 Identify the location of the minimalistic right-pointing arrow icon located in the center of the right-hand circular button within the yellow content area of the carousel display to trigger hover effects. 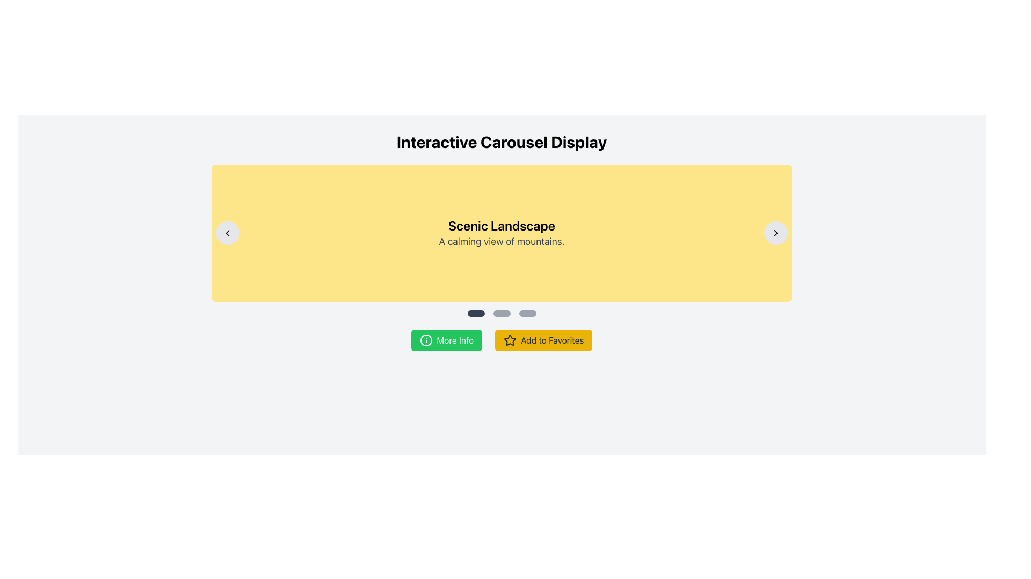
(776, 233).